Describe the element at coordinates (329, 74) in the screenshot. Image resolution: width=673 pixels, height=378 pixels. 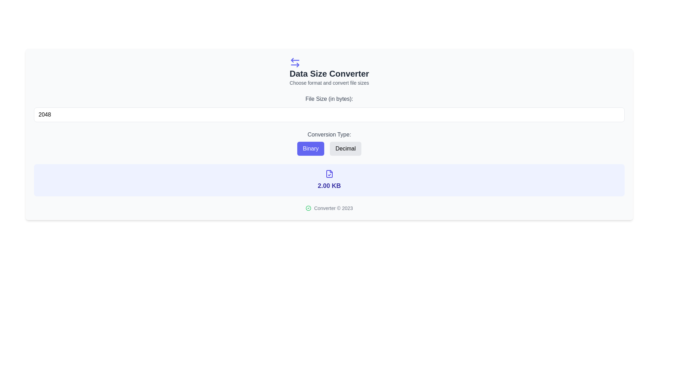
I see `text header labeled 'Data Size Converter', which is prominently displayed in bold, large font at the top of the page` at that location.